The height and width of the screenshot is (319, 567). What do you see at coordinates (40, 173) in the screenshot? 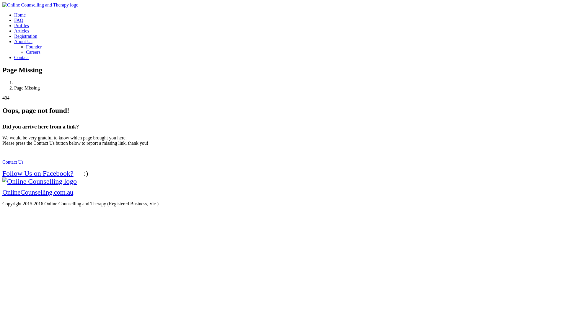
I see `'Follow Us on Facebook?'` at bounding box center [40, 173].